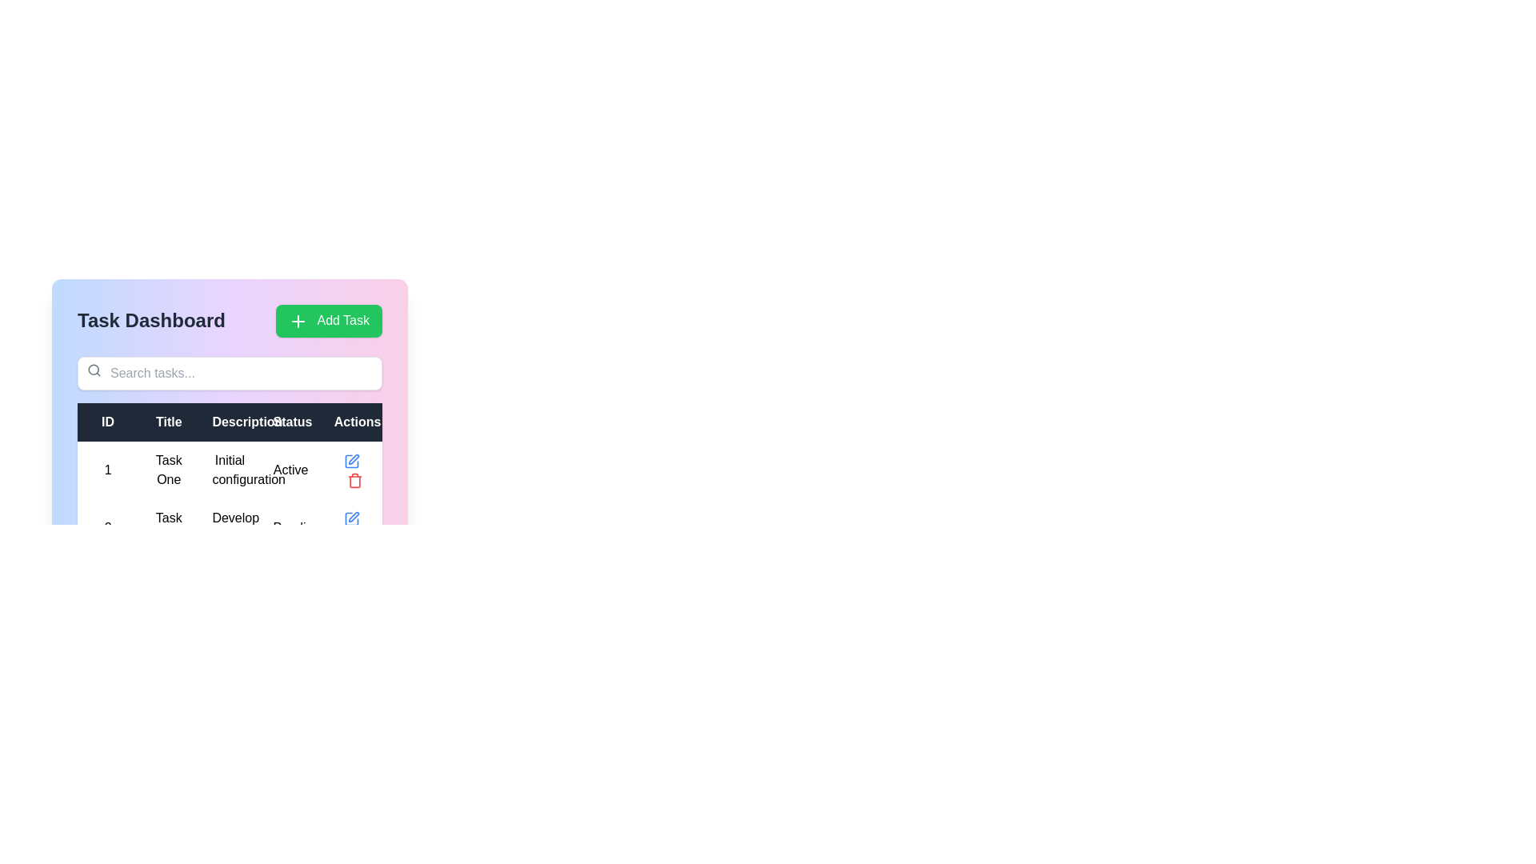 The width and height of the screenshot is (1536, 864). I want to click on the second row in the data table, which is located below 'Task One' and above 'Task Three', for reordering, so click(229, 527).